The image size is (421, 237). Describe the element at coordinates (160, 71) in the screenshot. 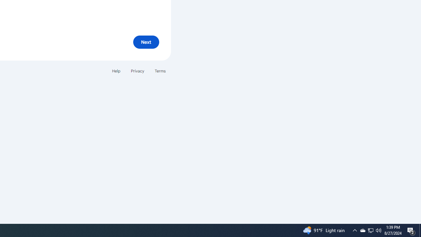

I see `'Terms'` at that location.